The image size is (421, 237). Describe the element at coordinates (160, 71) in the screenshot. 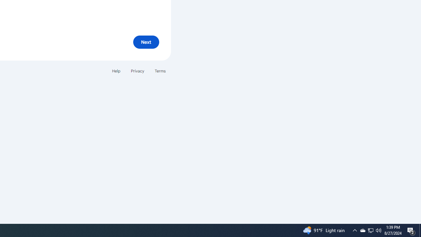

I see `'Terms'` at that location.